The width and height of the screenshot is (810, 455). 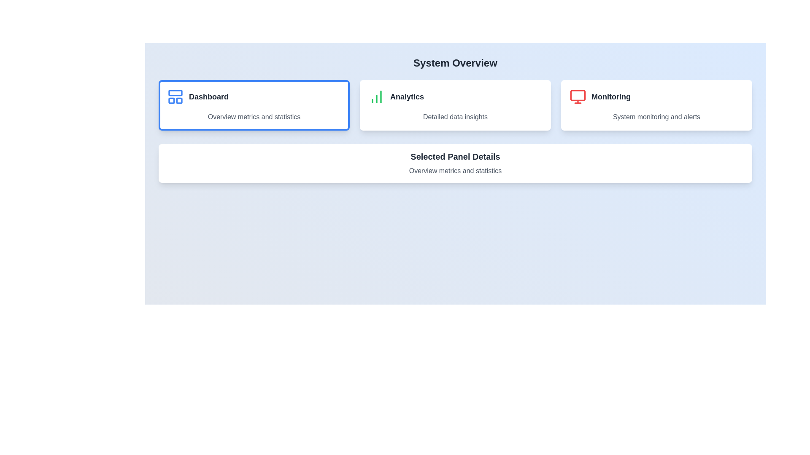 What do you see at coordinates (455, 156) in the screenshot?
I see `the Text Label that serves as a header or title for the associated panel, positioned above the line of text labeled 'Overview metrics and statistics'` at bounding box center [455, 156].